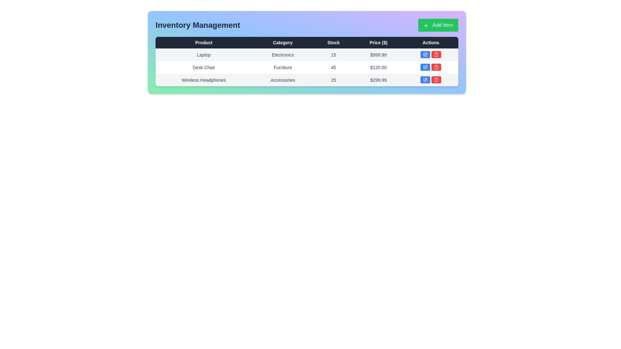 The height and width of the screenshot is (349, 621). Describe the element at coordinates (283, 67) in the screenshot. I see `the 'Furniture' text label located in the Desk Chair row under the 'Category' column` at that location.